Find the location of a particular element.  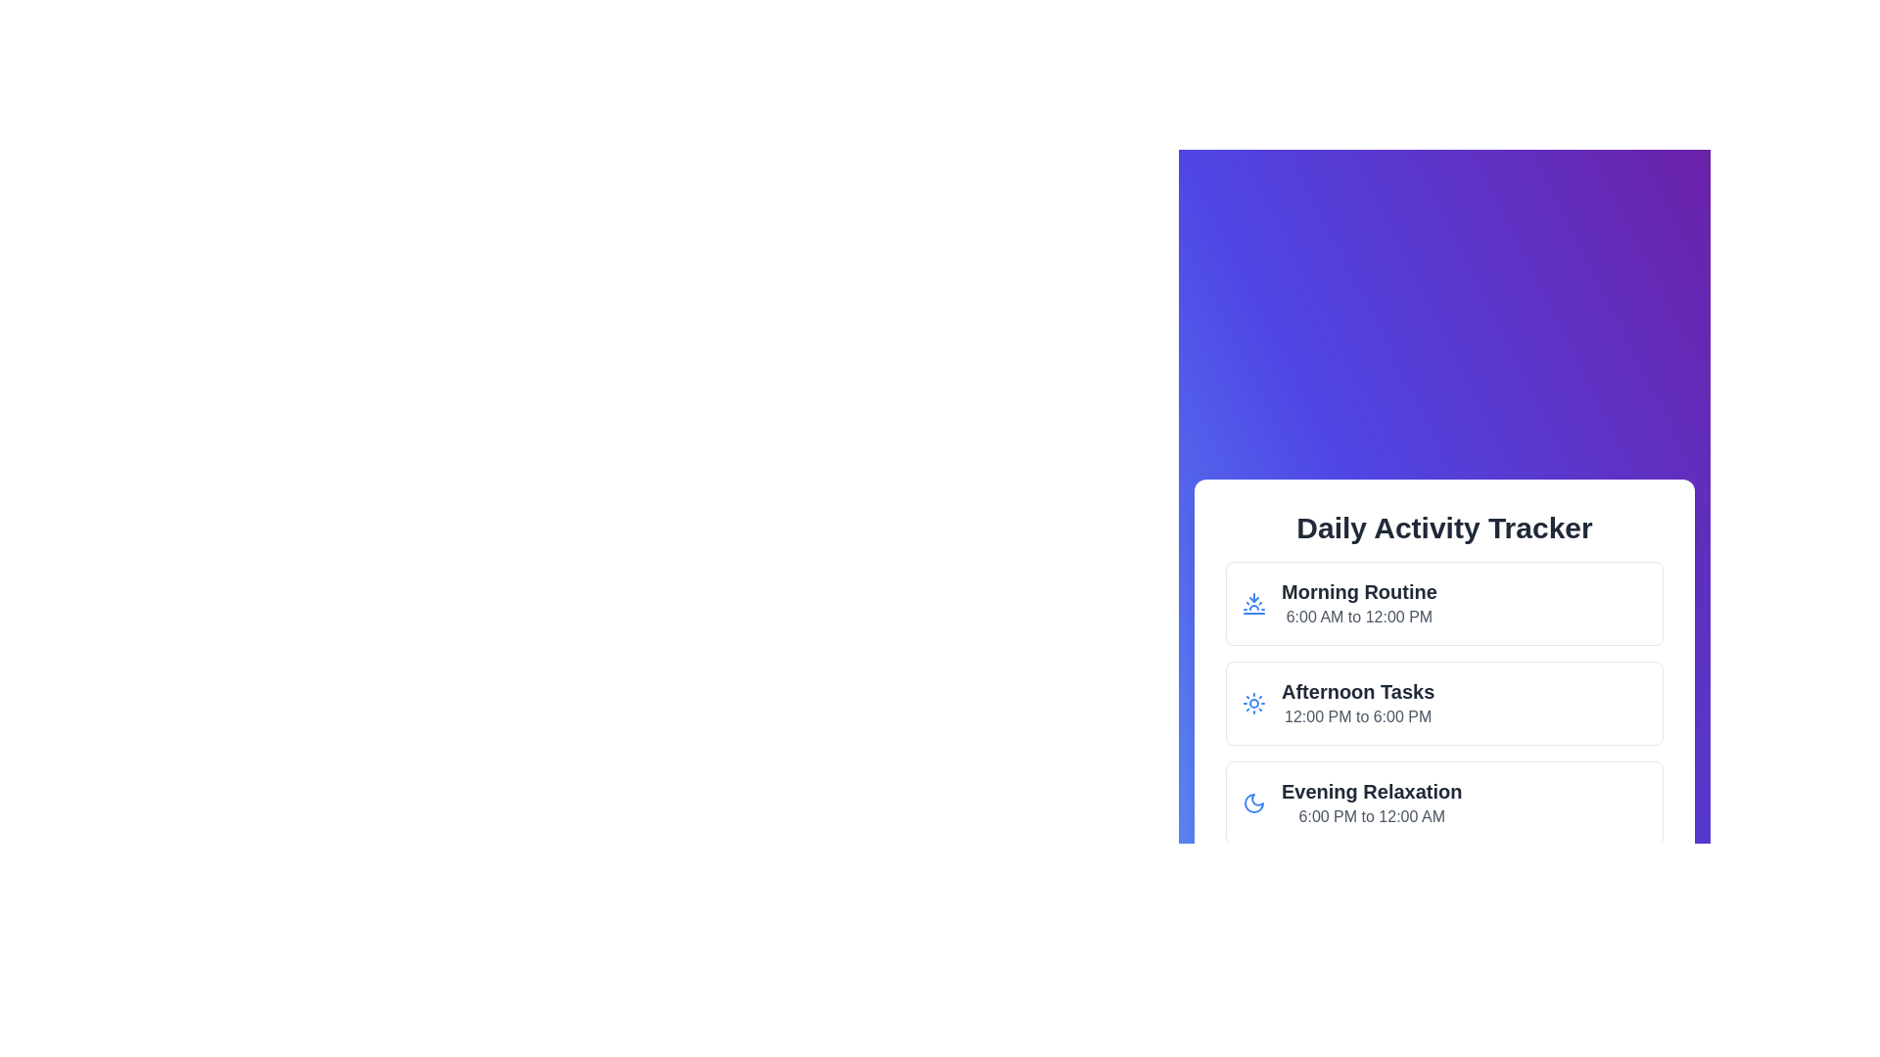

text block that informs users about the 'Evening Relaxation' activity scheduled from 6:00 PM to 12:00 AM, located as the third event in the 'Daily Activity Tracker' is located at coordinates (1371, 804).